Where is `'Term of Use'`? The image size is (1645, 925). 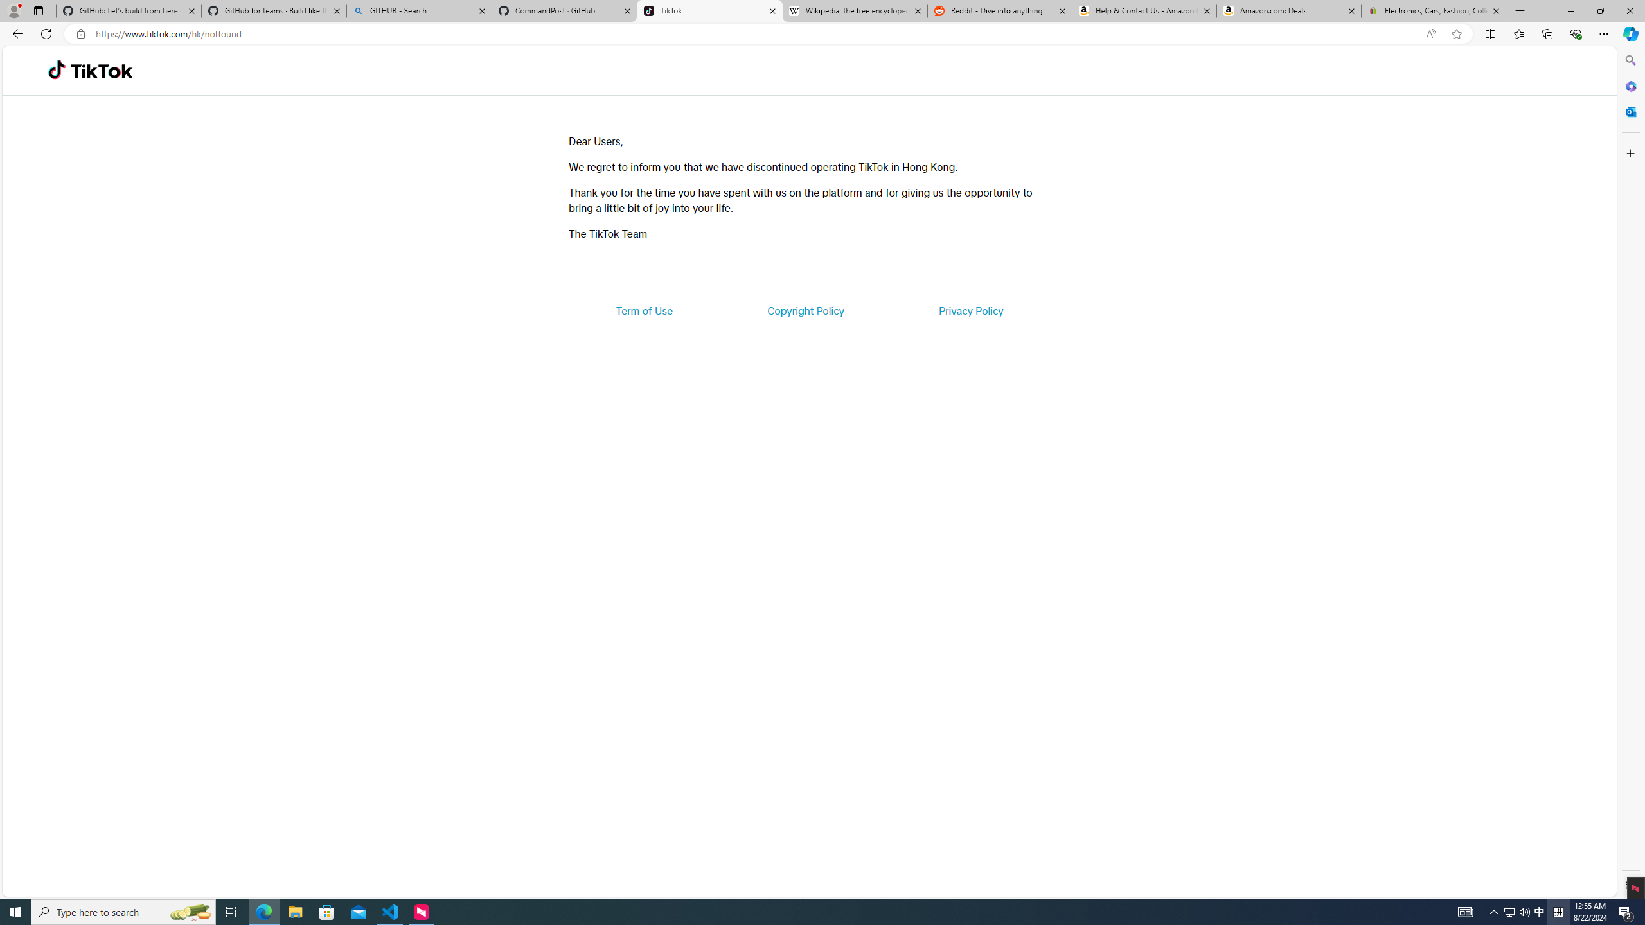
'Term of Use' is located at coordinates (644, 310).